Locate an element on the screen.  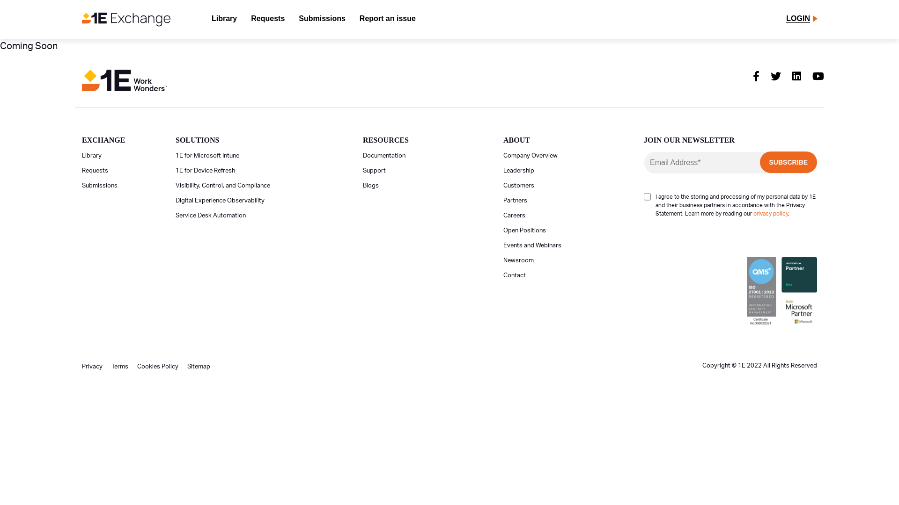
'Report an issue' is located at coordinates (388, 20).